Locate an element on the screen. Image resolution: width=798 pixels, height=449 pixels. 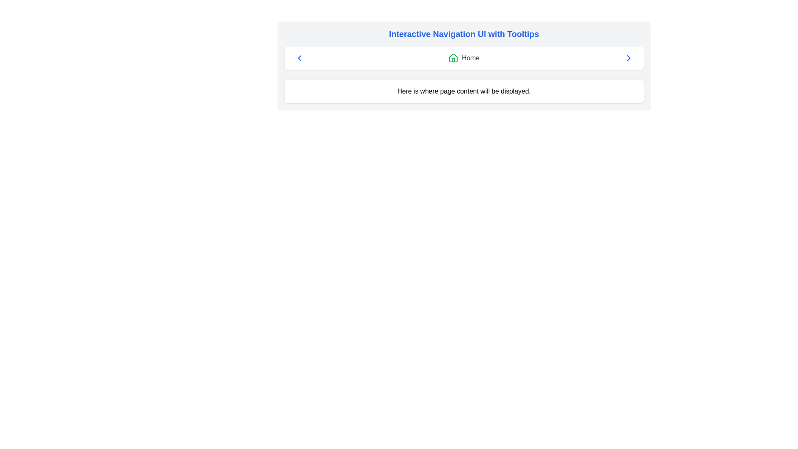
the chevron-left SVG icon located in the navigation bar labeled 'Previous' is located at coordinates (299, 57).